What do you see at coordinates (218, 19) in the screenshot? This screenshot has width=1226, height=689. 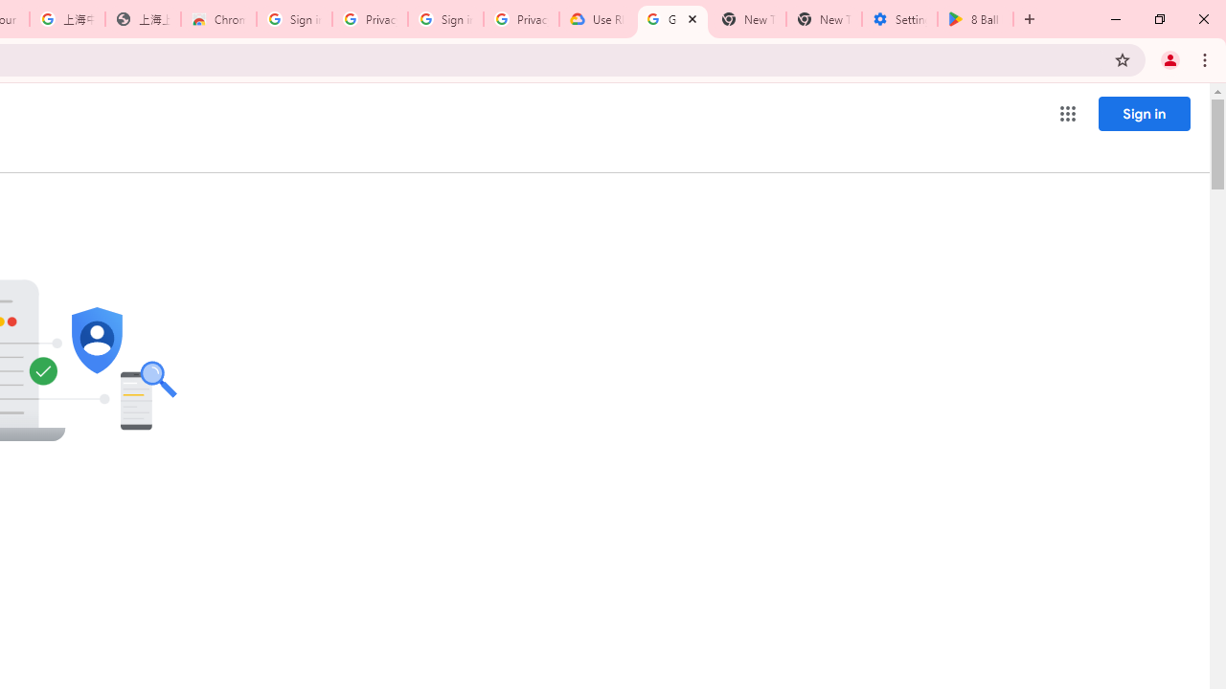 I see `'Chrome Web Store - Color themes by Chrome'` at bounding box center [218, 19].